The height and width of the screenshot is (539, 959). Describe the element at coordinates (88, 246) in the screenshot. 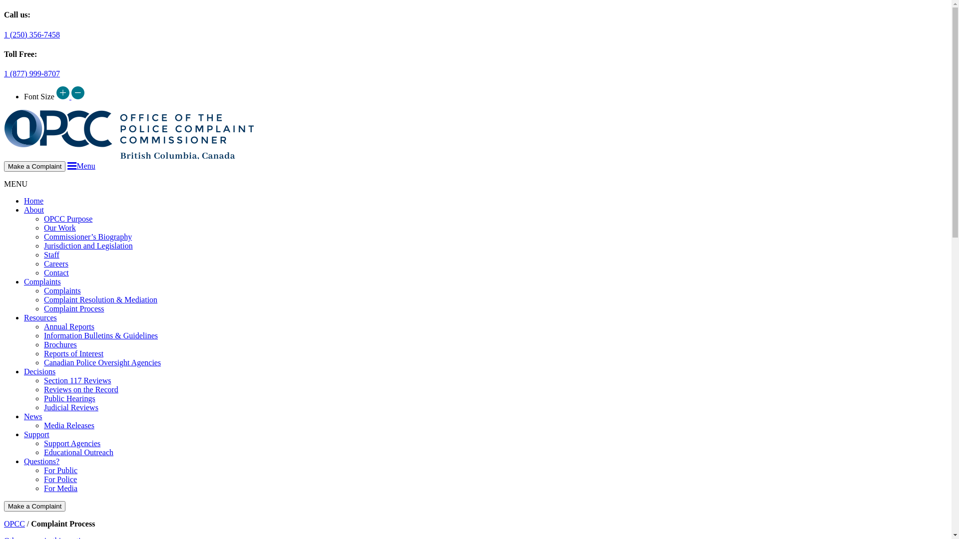

I see `'Jurisdiction and Legislation'` at that location.